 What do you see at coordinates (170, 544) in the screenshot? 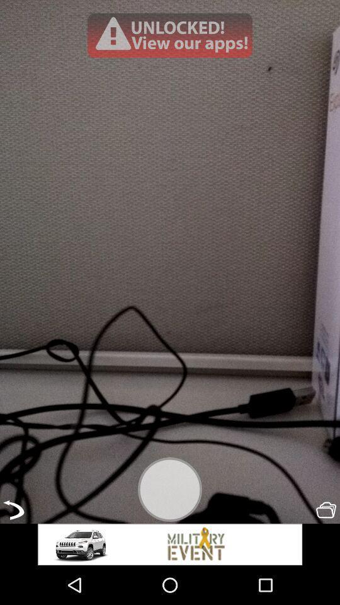
I see `advertising` at bounding box center [170, 544].